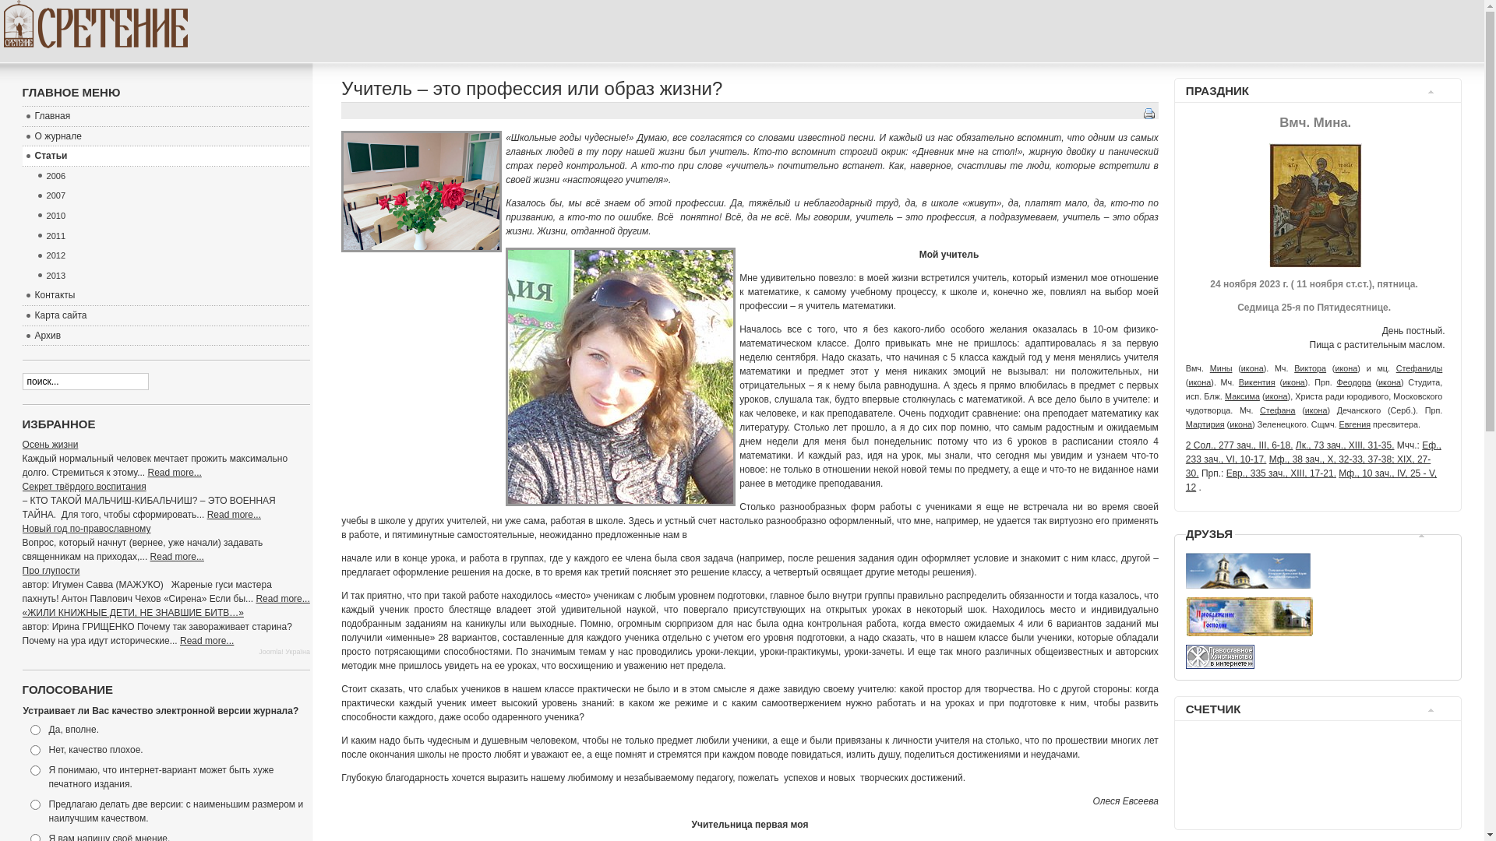 The image size is (1496, 841). I want to click on '2012', so click(171, 255).